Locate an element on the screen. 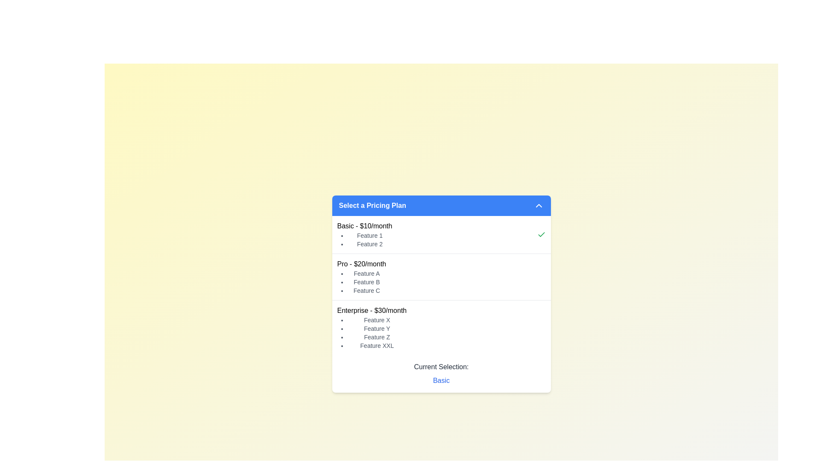  the features list associated with the 'Pro' pricing plan, located below the 'Pro - $20/month' section title is located at coordinates (361, 282).